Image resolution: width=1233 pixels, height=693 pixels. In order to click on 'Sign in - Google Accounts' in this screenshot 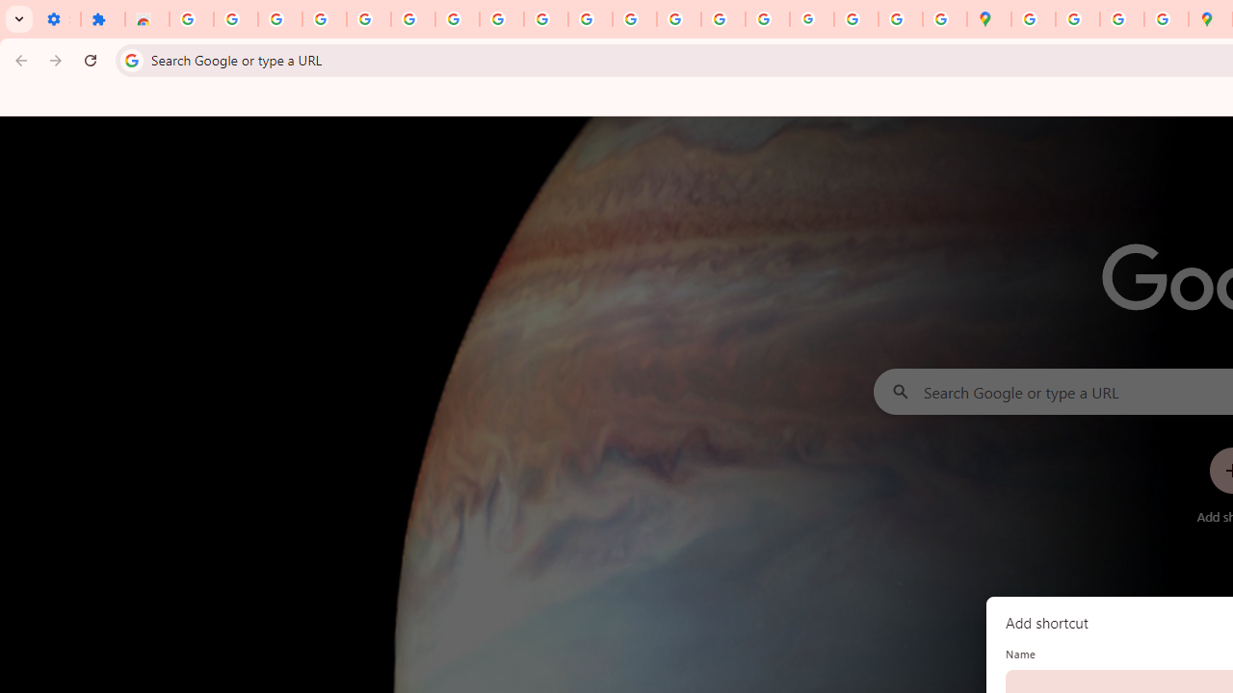, I will do `click(191, 19)`.